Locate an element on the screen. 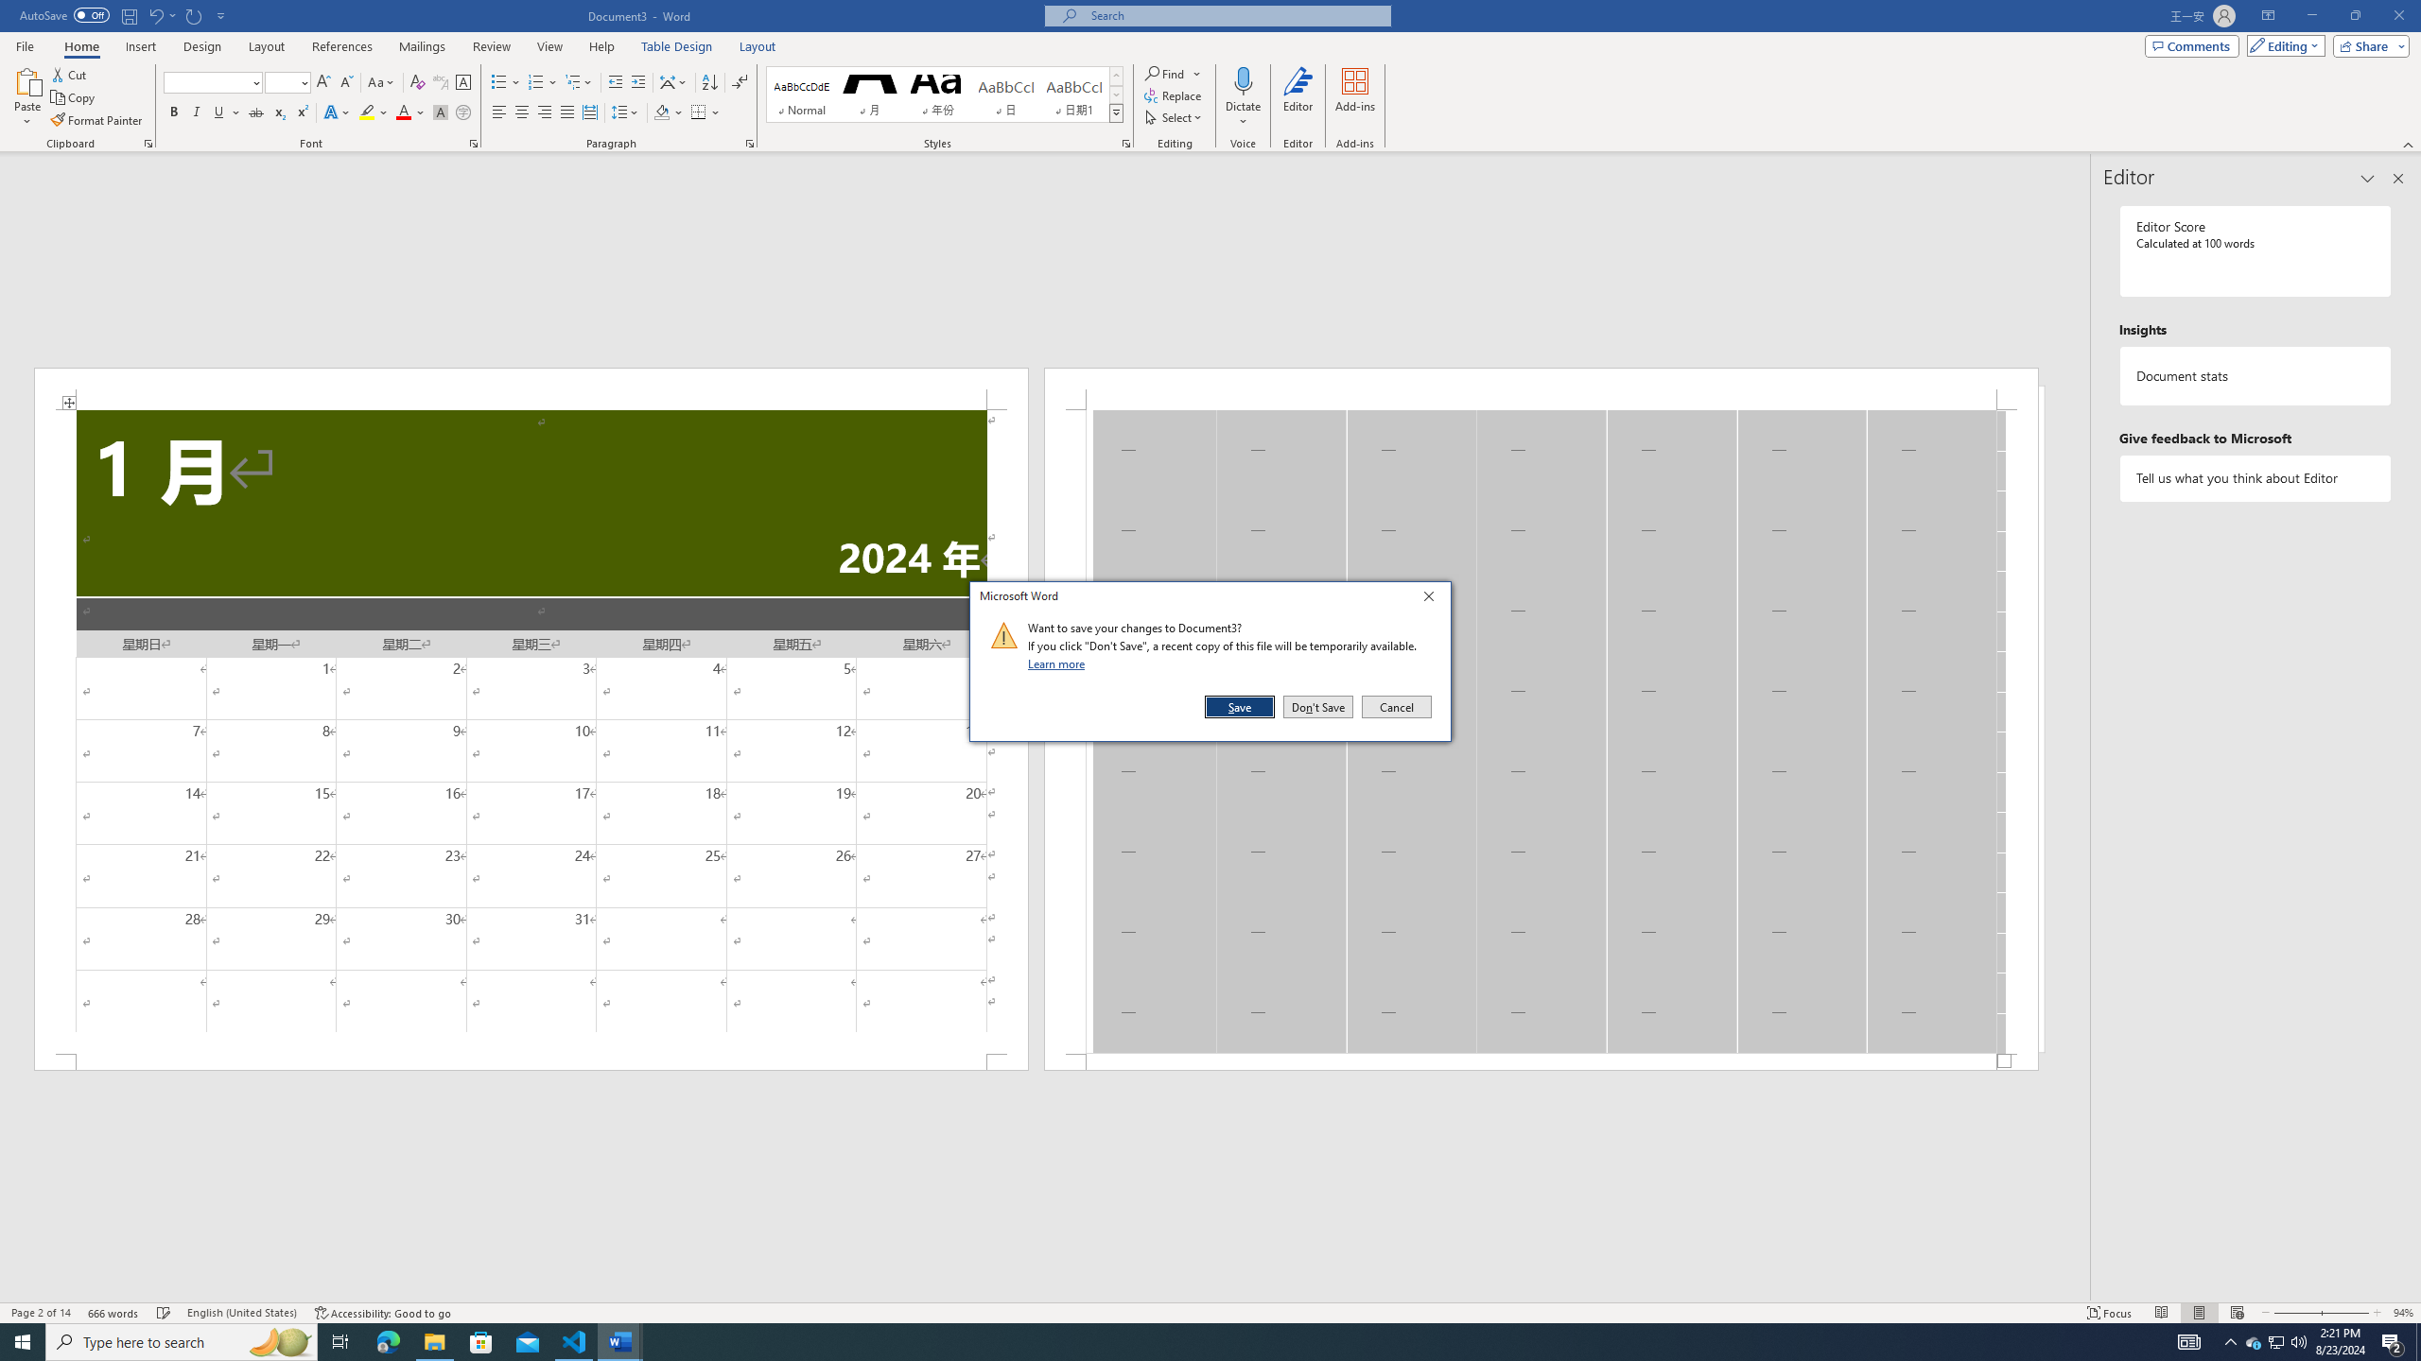 The image size is (2421, 1361). 'Numbering' is located at coordinates (535, 82).